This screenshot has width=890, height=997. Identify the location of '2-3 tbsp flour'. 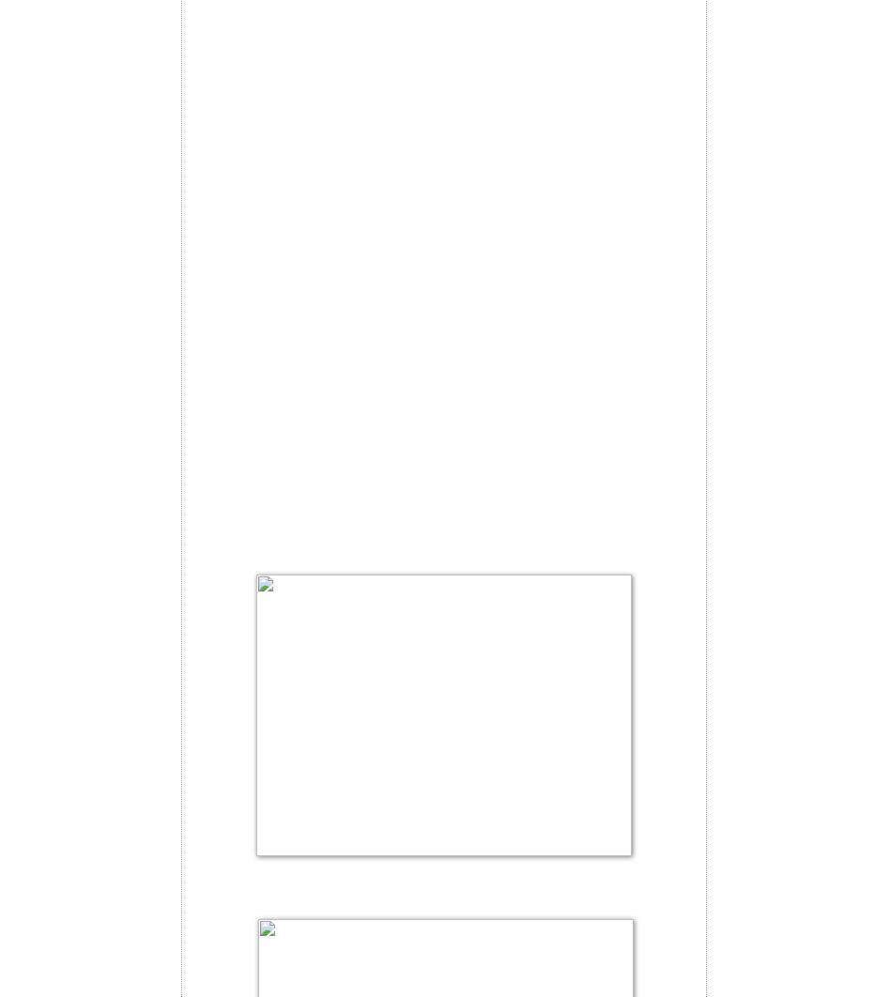
(235, 7).